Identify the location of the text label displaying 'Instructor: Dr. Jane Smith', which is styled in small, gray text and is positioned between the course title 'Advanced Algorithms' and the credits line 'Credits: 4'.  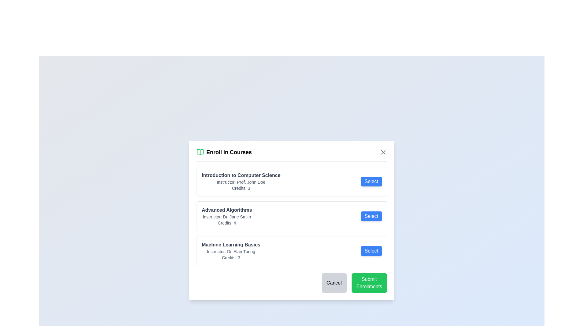
(226, 216).